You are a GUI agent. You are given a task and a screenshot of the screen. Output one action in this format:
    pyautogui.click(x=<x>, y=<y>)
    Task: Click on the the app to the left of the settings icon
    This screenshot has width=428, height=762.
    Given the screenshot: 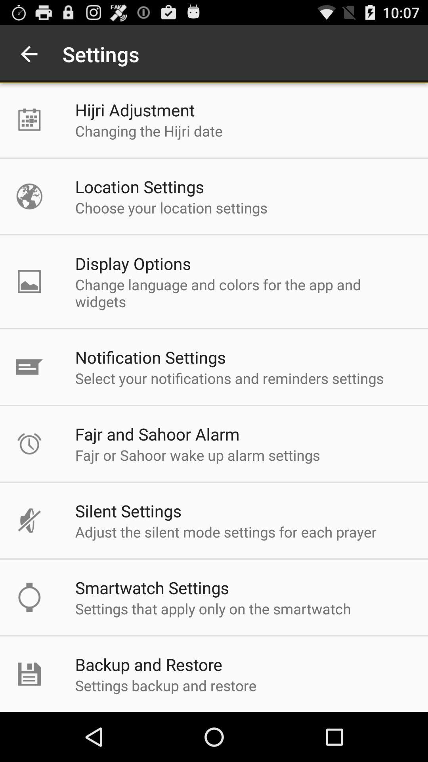 What is the action you would take?
    pyautogui.click(x=29, y=54)
    